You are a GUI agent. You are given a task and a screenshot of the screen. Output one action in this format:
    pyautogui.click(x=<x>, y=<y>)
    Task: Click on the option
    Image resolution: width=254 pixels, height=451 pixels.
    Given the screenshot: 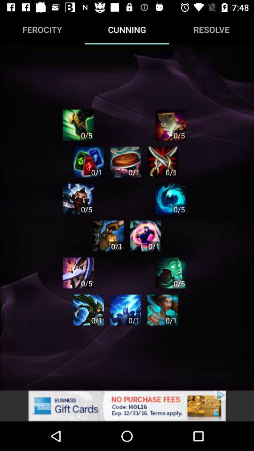 What is the action you would take?
    pyautogui.click(x=162, y=309)
    